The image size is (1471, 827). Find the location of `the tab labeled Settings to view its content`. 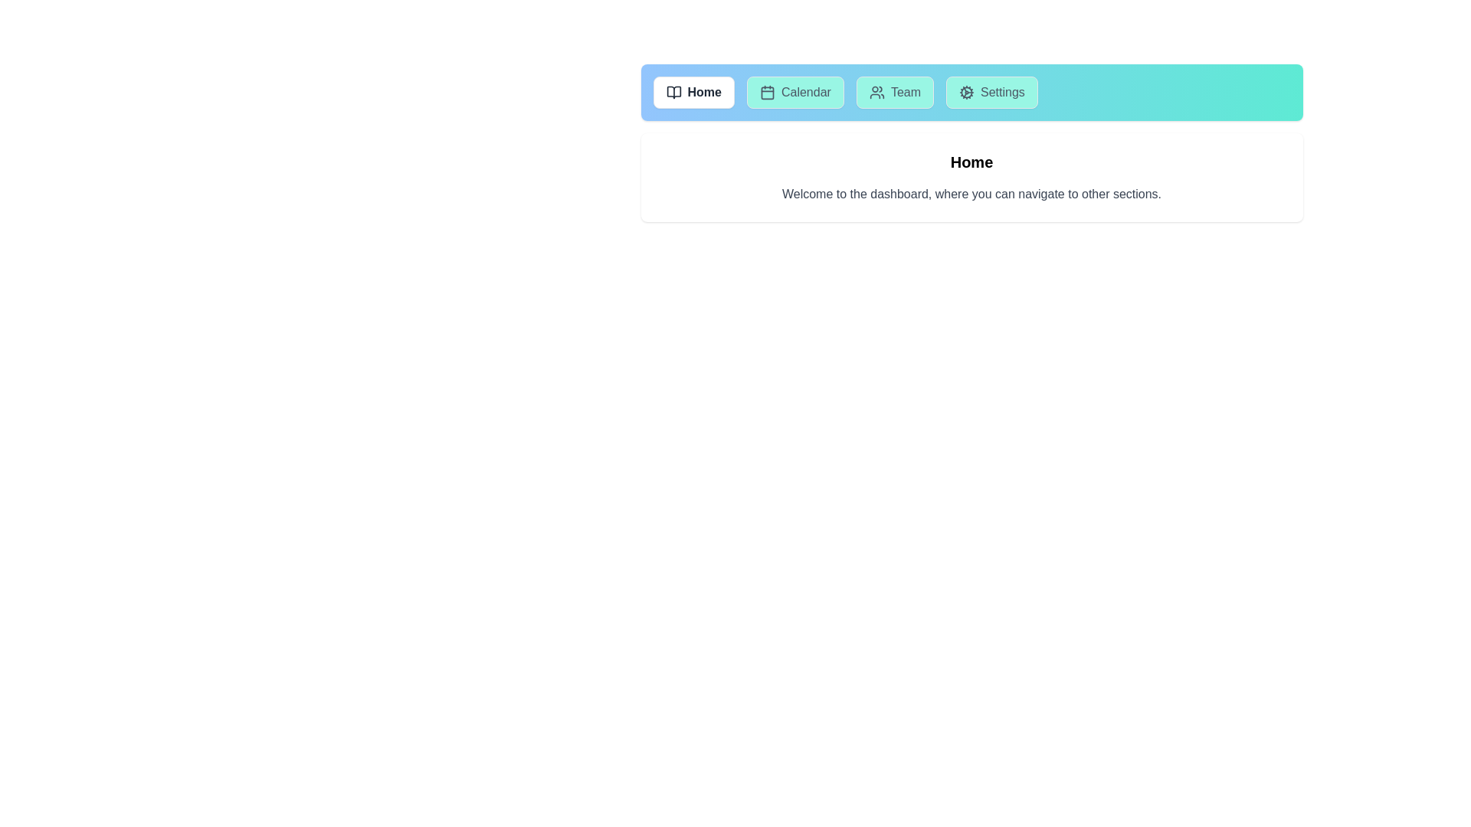

the tab labeled Settings to view its content is located at coordinates (991, 92).